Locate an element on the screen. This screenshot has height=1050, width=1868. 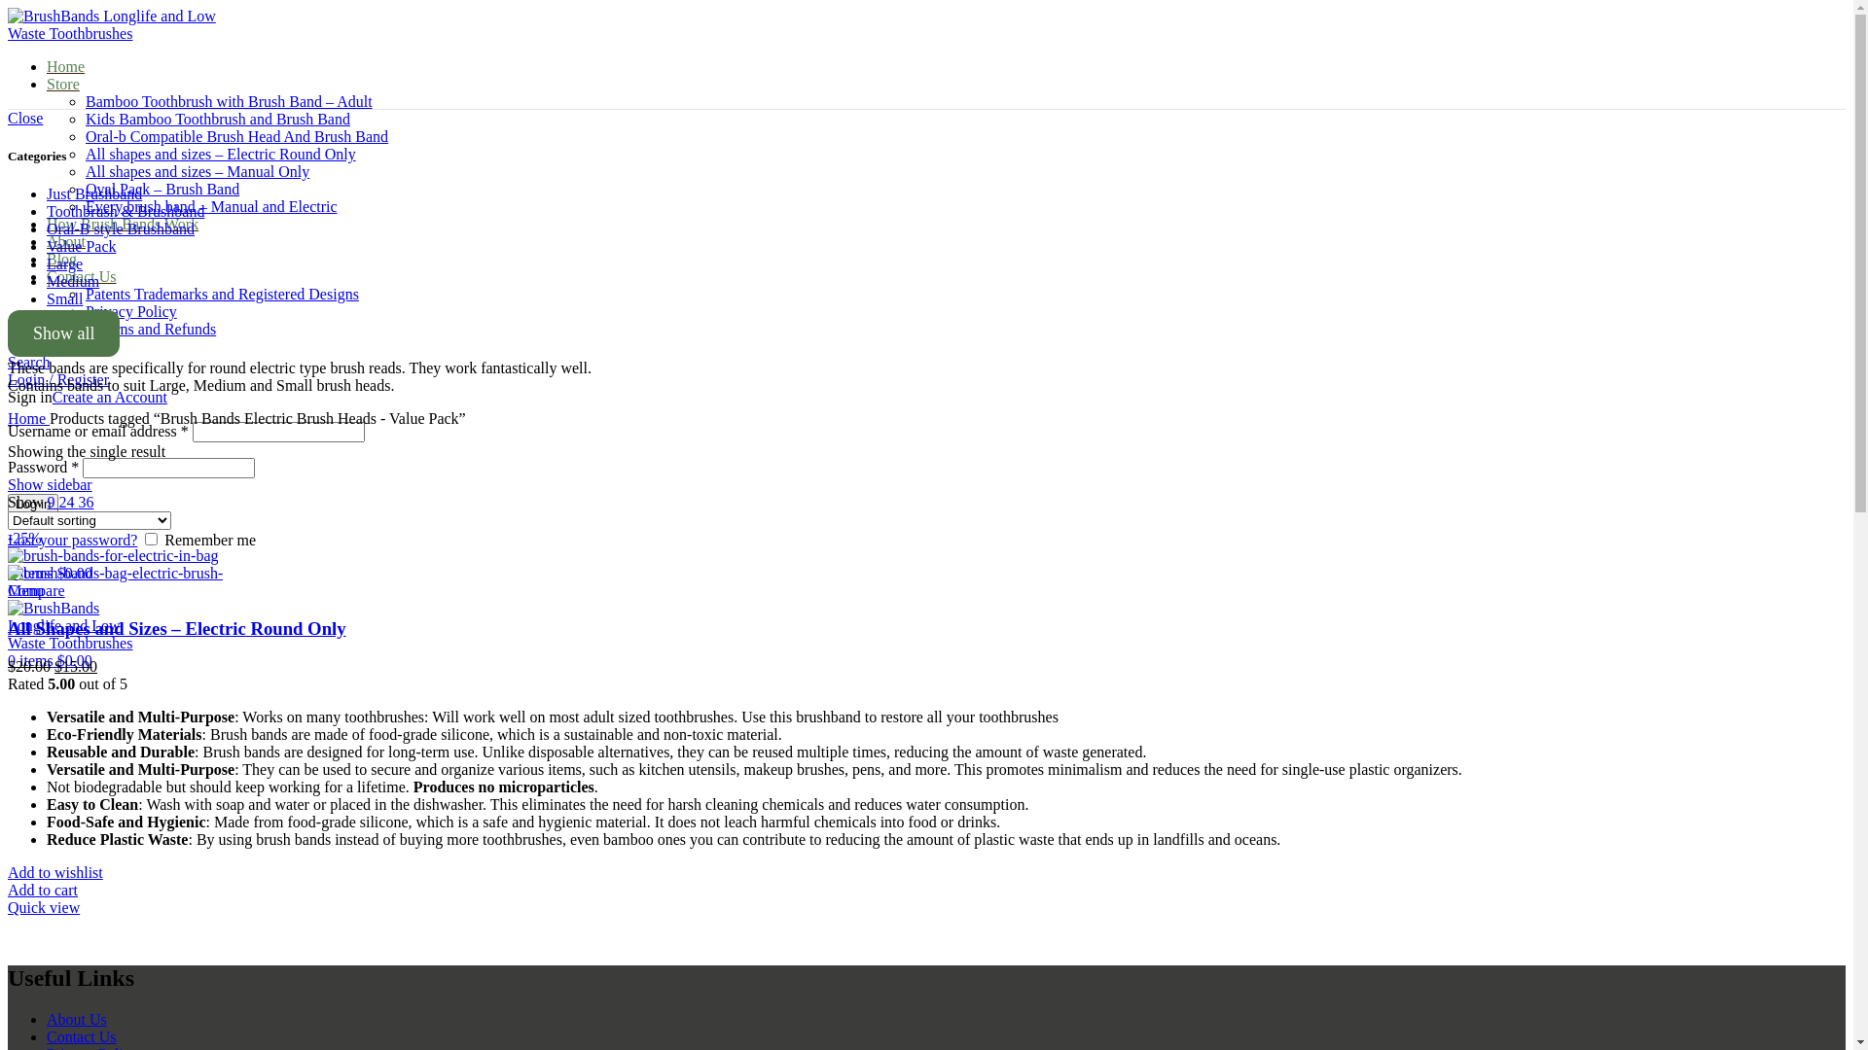
'0 items $0.00' is located at coordinates (50, 572).